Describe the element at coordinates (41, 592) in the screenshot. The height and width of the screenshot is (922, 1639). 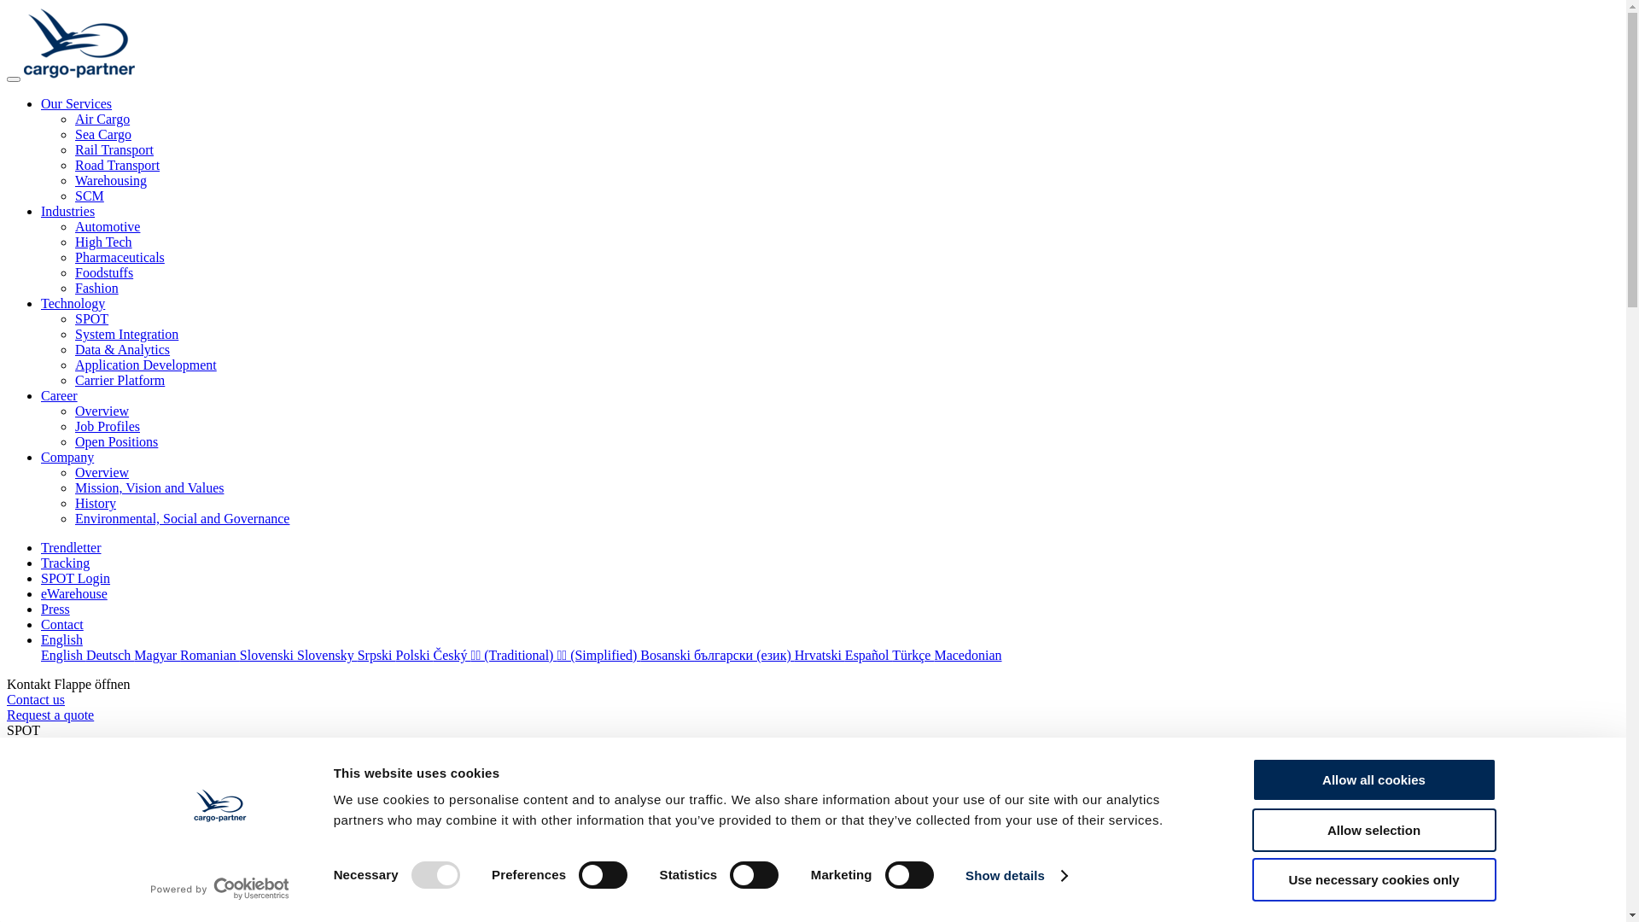
I see `'eWarehouse'` at that location.